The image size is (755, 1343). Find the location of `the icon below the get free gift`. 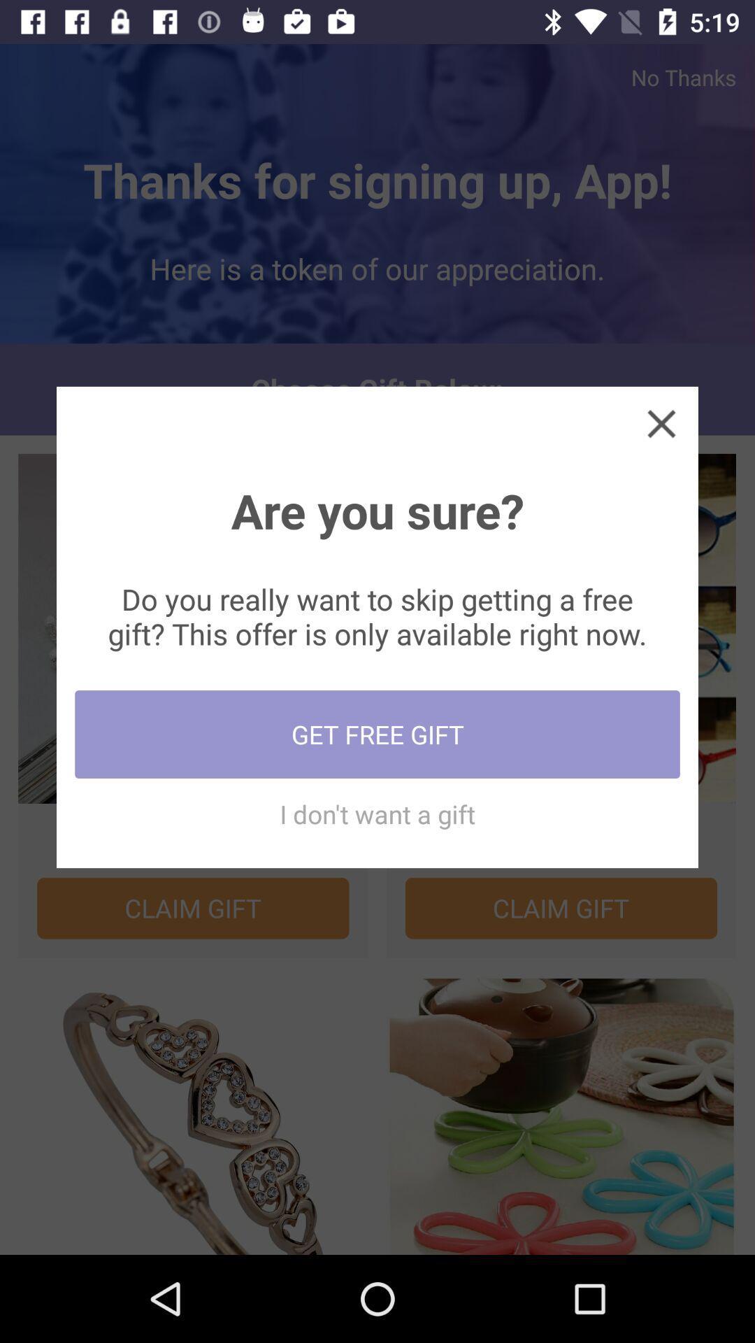

the icon below the get free gift is located at coordinates (377, 813).